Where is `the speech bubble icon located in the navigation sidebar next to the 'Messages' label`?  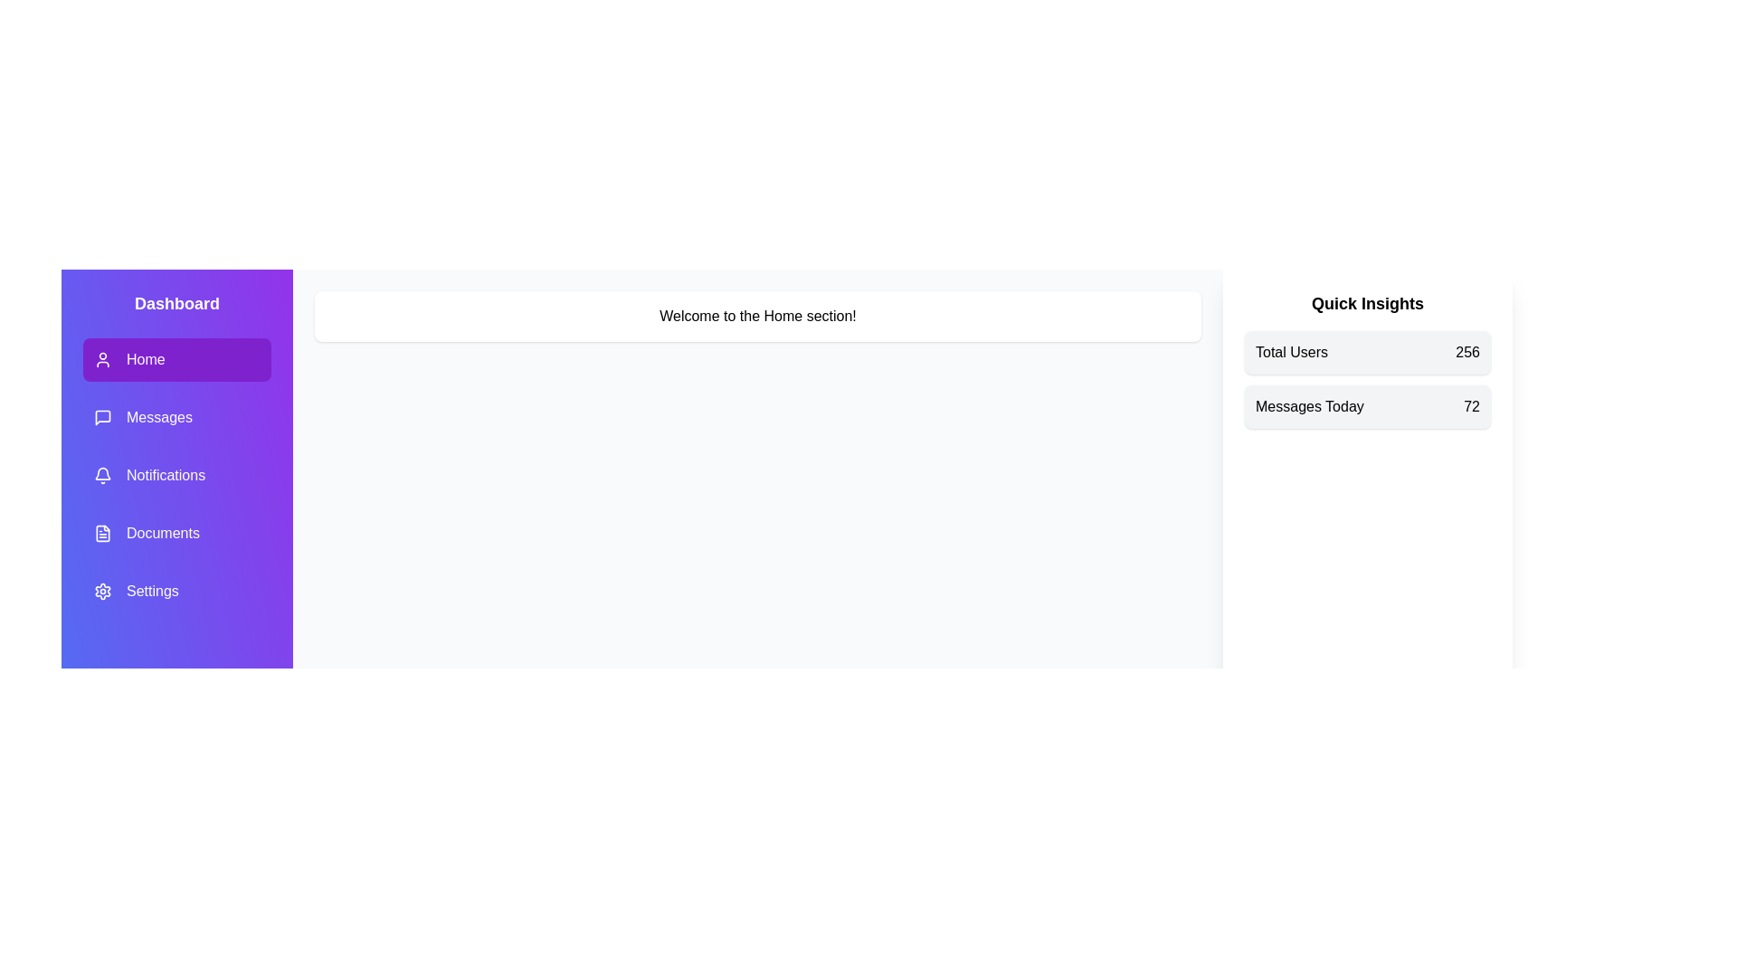
the speech bubble icon located in the navigation sidebar next to the 'Messages' label is located at coordinates (102, 418).